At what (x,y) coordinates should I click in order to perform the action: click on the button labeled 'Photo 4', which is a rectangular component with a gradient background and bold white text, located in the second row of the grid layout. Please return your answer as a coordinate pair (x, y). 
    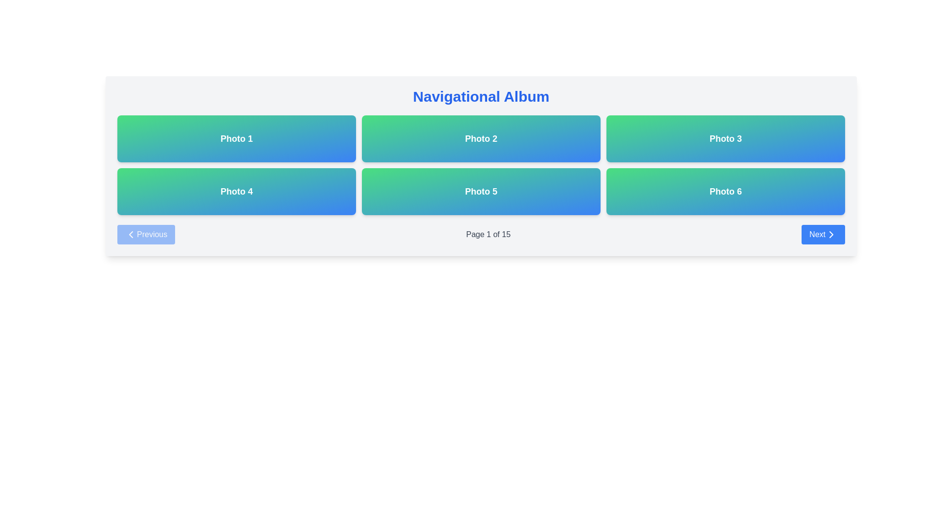
    Looking at the image, I should click on (237, 192).